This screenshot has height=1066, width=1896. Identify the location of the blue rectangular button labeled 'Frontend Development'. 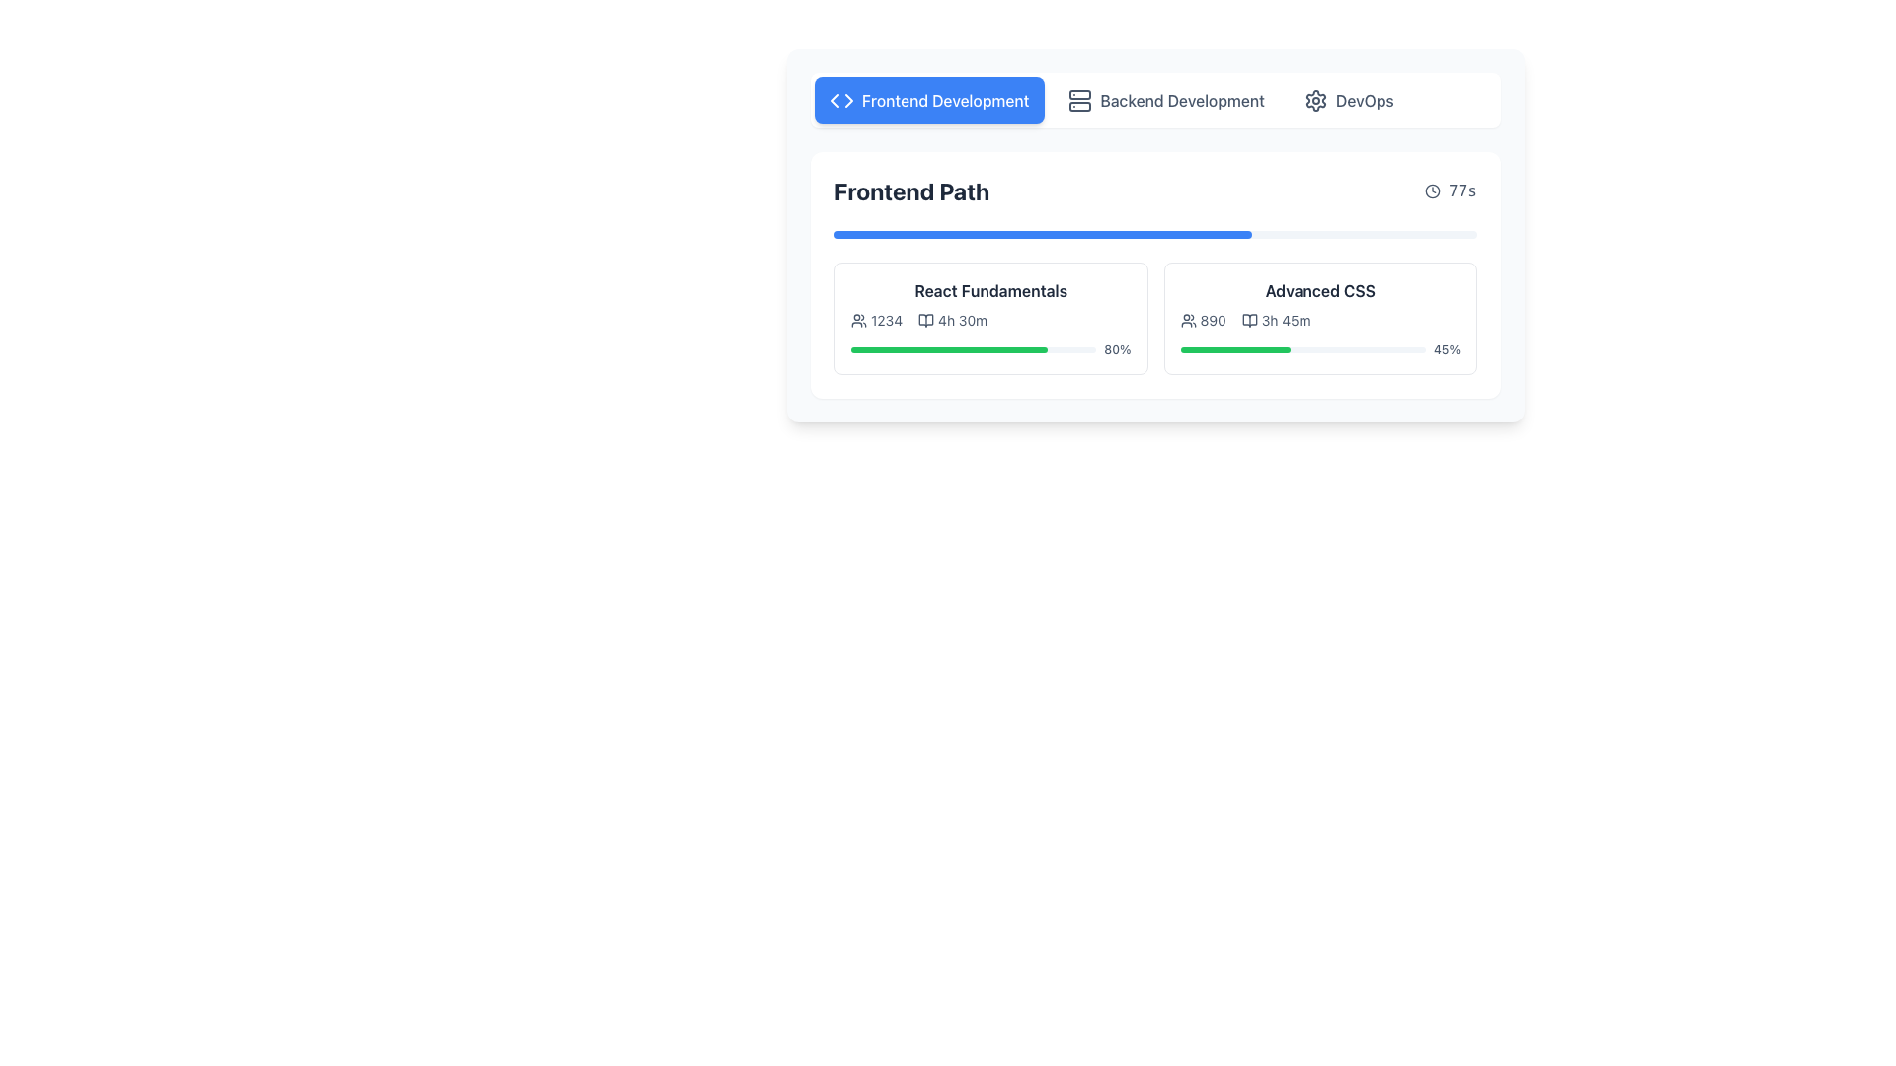
(928, 100).